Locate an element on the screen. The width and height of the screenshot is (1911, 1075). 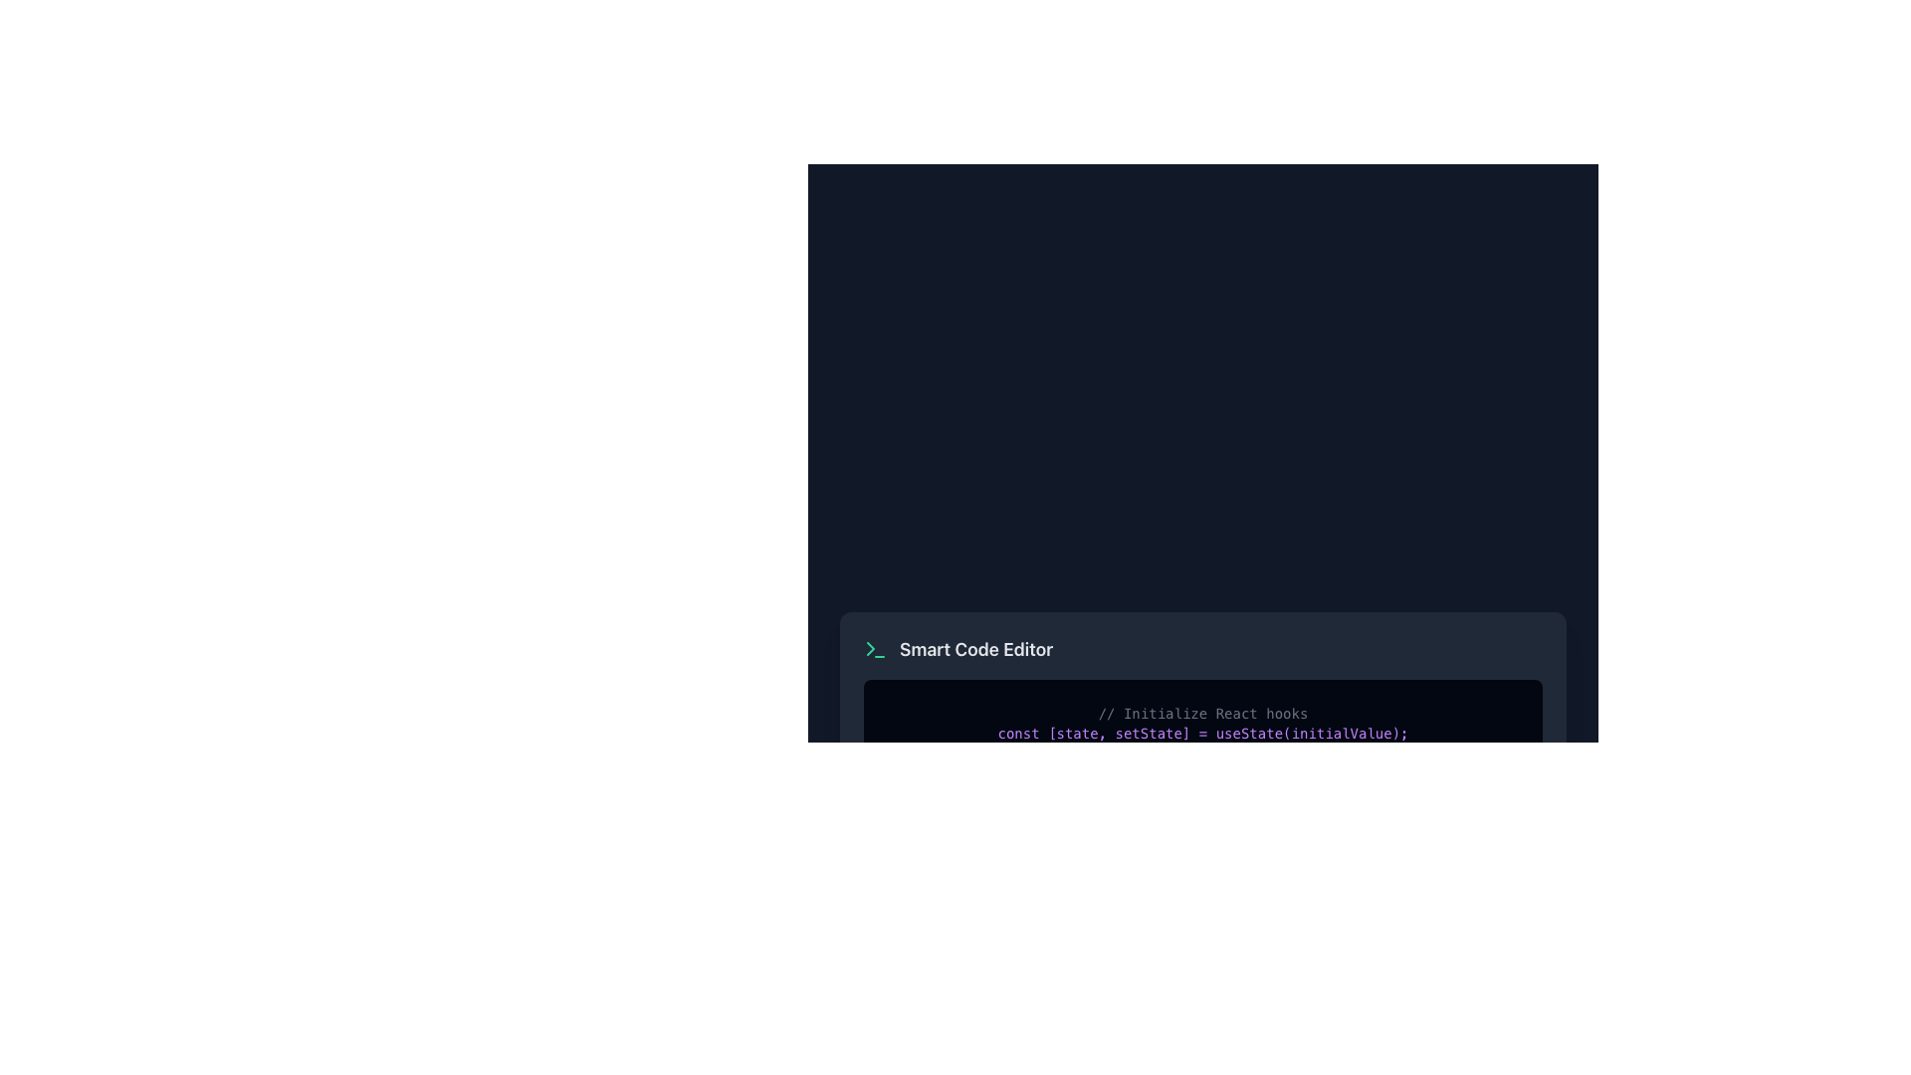
the static text block displaying a code snippet with a dark gray background and monospaced font, located in the 'Smart Code Editor' section beneath the header text is located at coordinates (1202, 723).